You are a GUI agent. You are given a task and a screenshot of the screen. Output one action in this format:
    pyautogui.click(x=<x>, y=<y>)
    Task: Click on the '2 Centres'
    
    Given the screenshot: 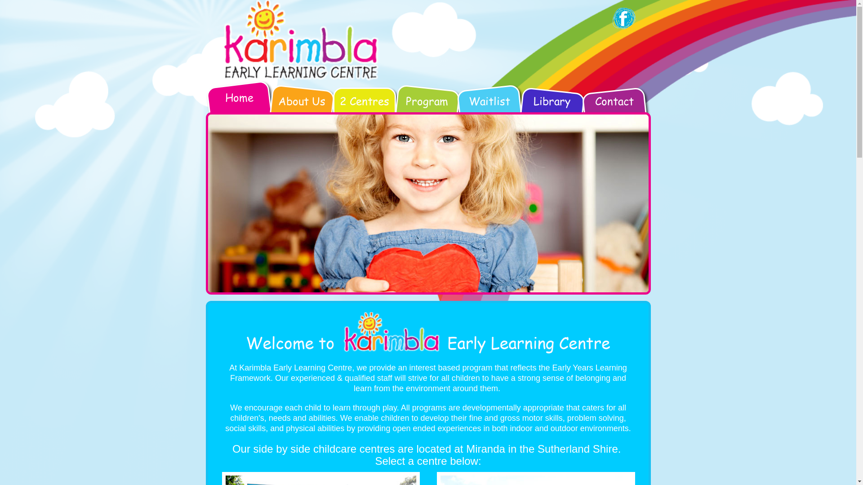 What is the action you would take?
    pyautogui.click(x=364, y=106)
    